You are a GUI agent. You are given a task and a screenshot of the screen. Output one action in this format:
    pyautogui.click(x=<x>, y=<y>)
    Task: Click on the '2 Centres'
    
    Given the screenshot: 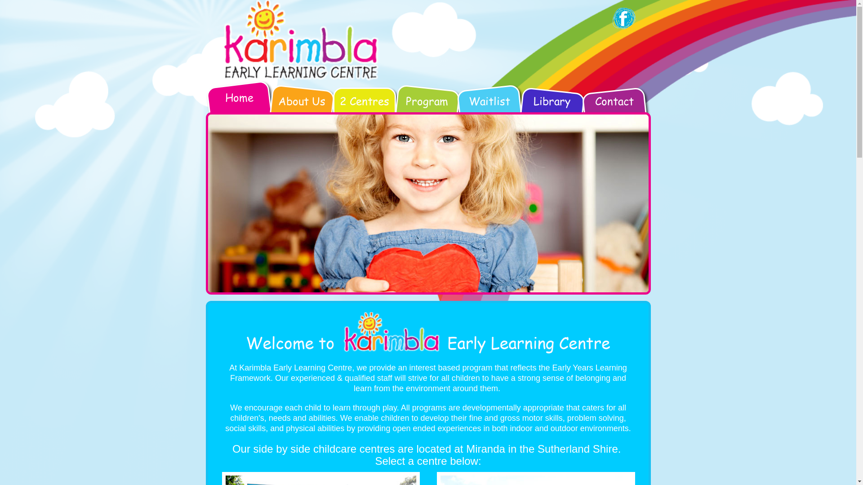 What is the action you would take?
    pyautogui.click(x=364, y=106)
    